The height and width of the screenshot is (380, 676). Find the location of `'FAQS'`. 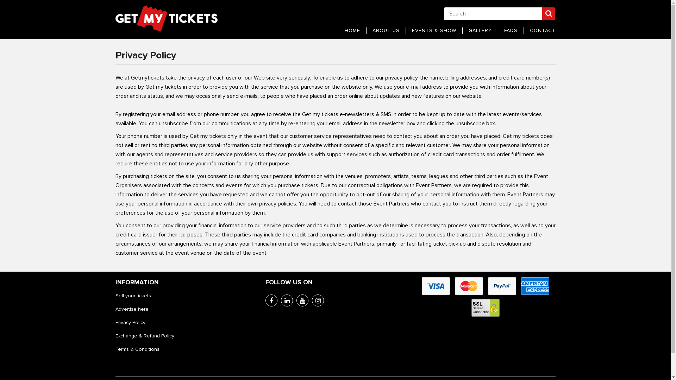

'FAQS' is located at coordinates (511, 30).